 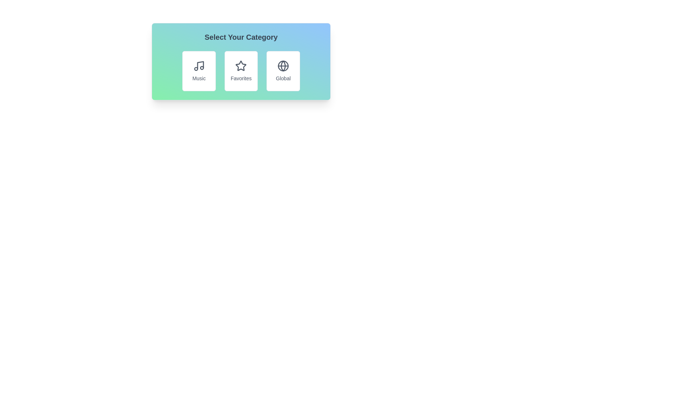 What do you see at coordinates (241, 71) in the screenshot?
I see `the 'Favorites' button, which is centrally located in the grid layout of interactive items to trigger a visual change` at bounding box center [241, 71].